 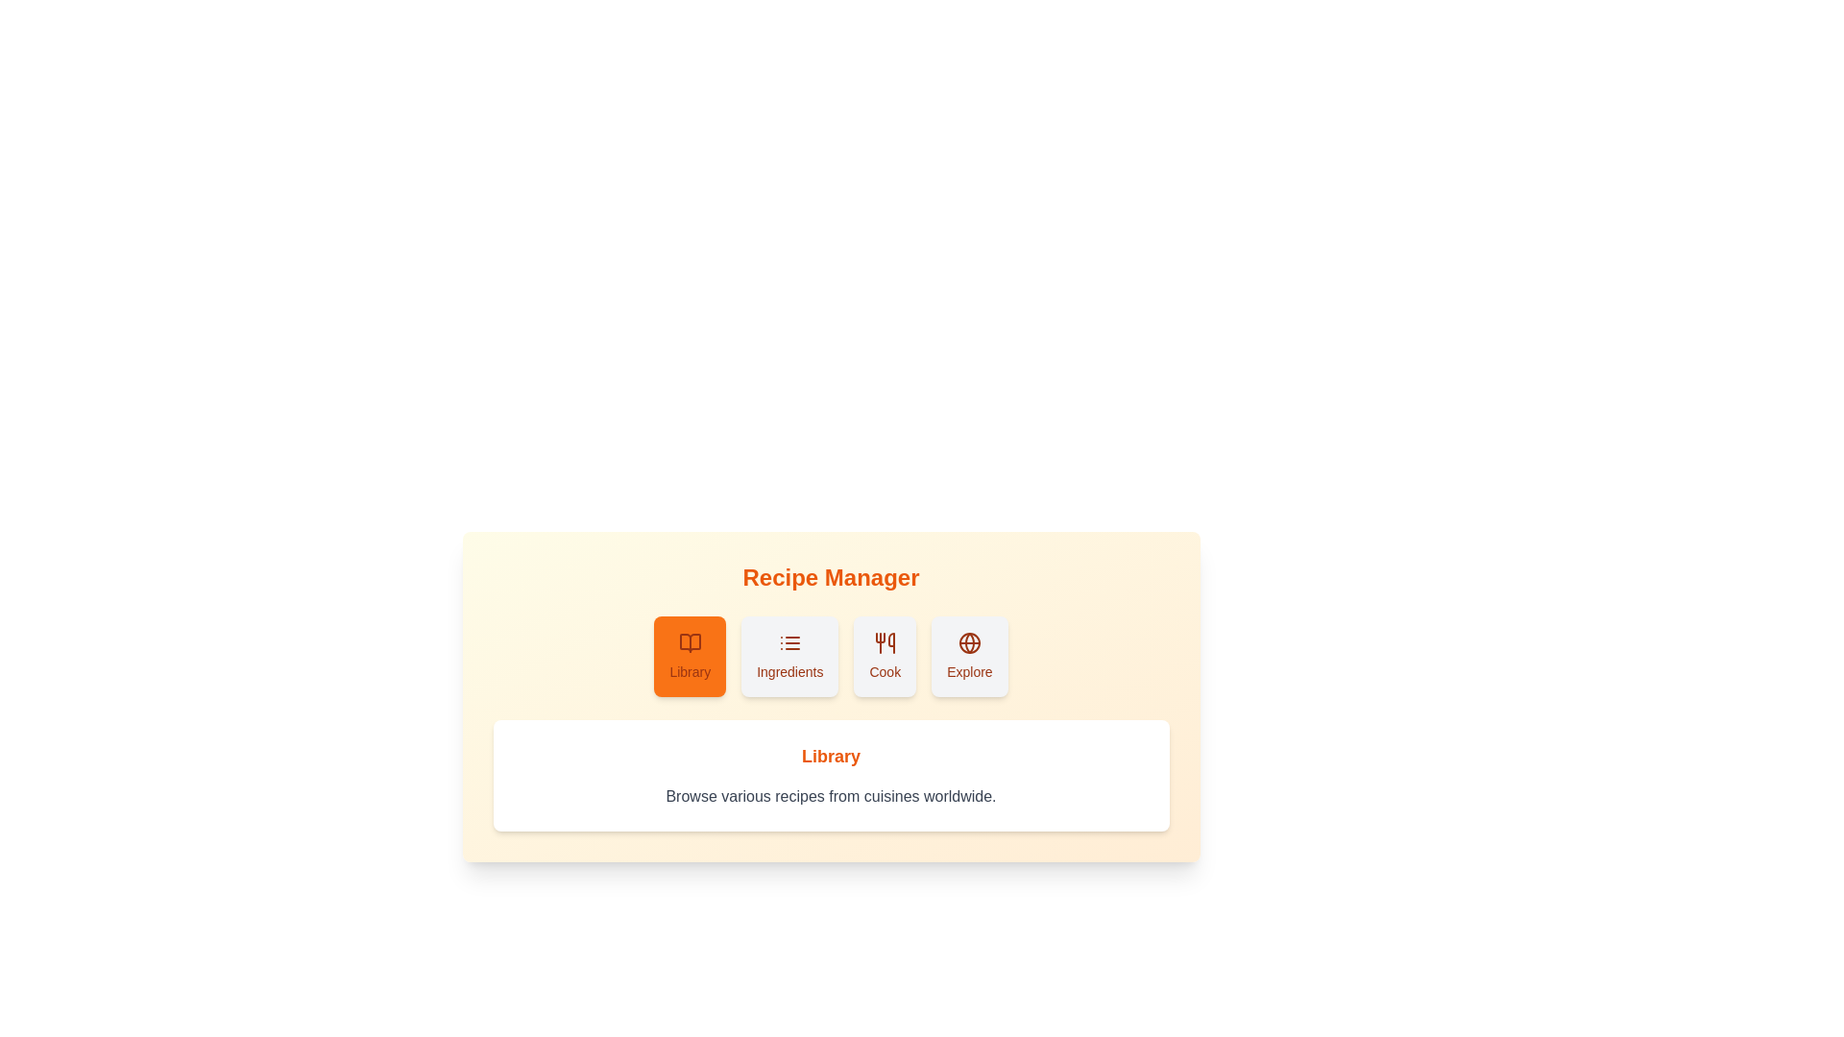 What do you see at coordinates (884, 655) in the screenshot?
I see `the Cook tab to view its content` at bounding box center [884, 655].